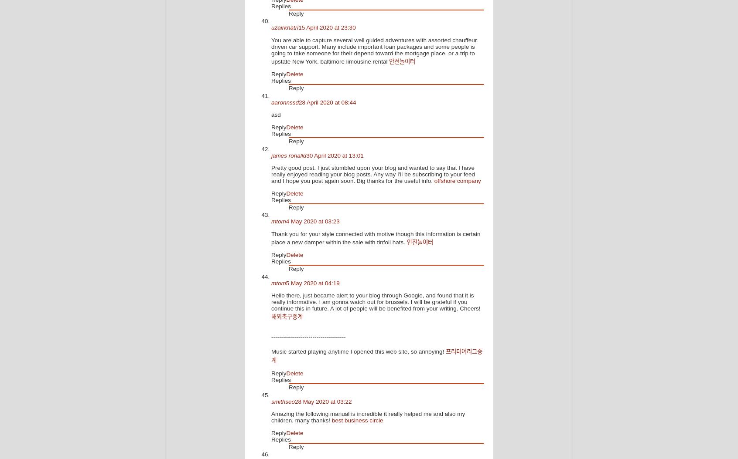  What do you see at coordinates (457, 180) in the screenshot?
I see `'offshore company'` at bounding box center [457, 180].